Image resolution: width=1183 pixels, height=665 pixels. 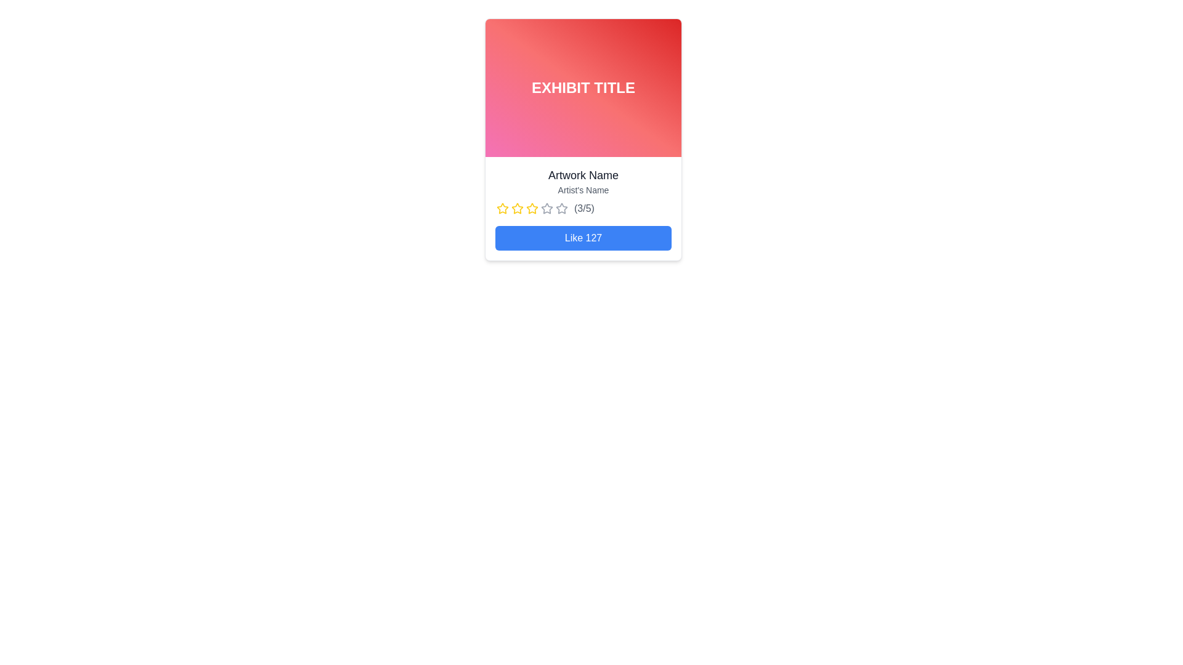 What do you see at coordinates (561, 208) in the screenshot?
I see `the third gray star-shaped rating icon located under the section title 'Artwork Name'` at bounding box center [561, 208].